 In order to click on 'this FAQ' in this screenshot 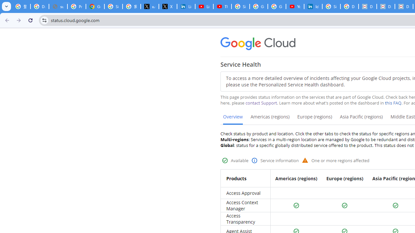, I will do `click(393, 103)`.